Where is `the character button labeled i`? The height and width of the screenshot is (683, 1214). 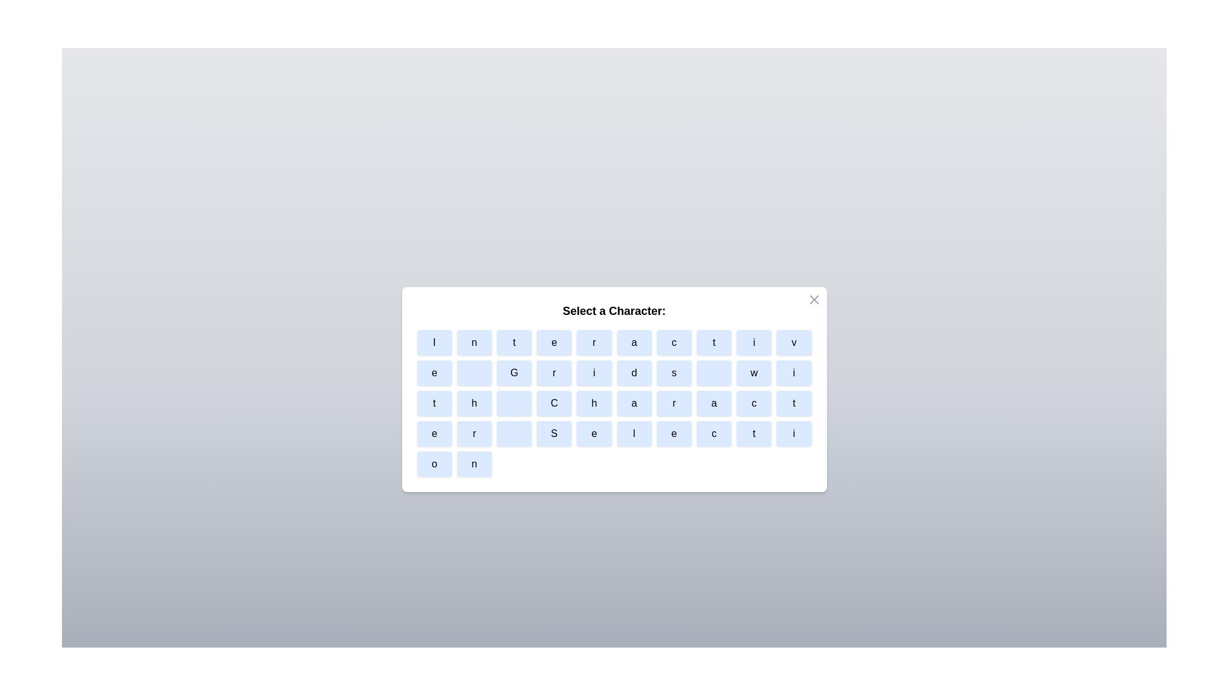 the character button labeled i is located at coordinates (754, 343).